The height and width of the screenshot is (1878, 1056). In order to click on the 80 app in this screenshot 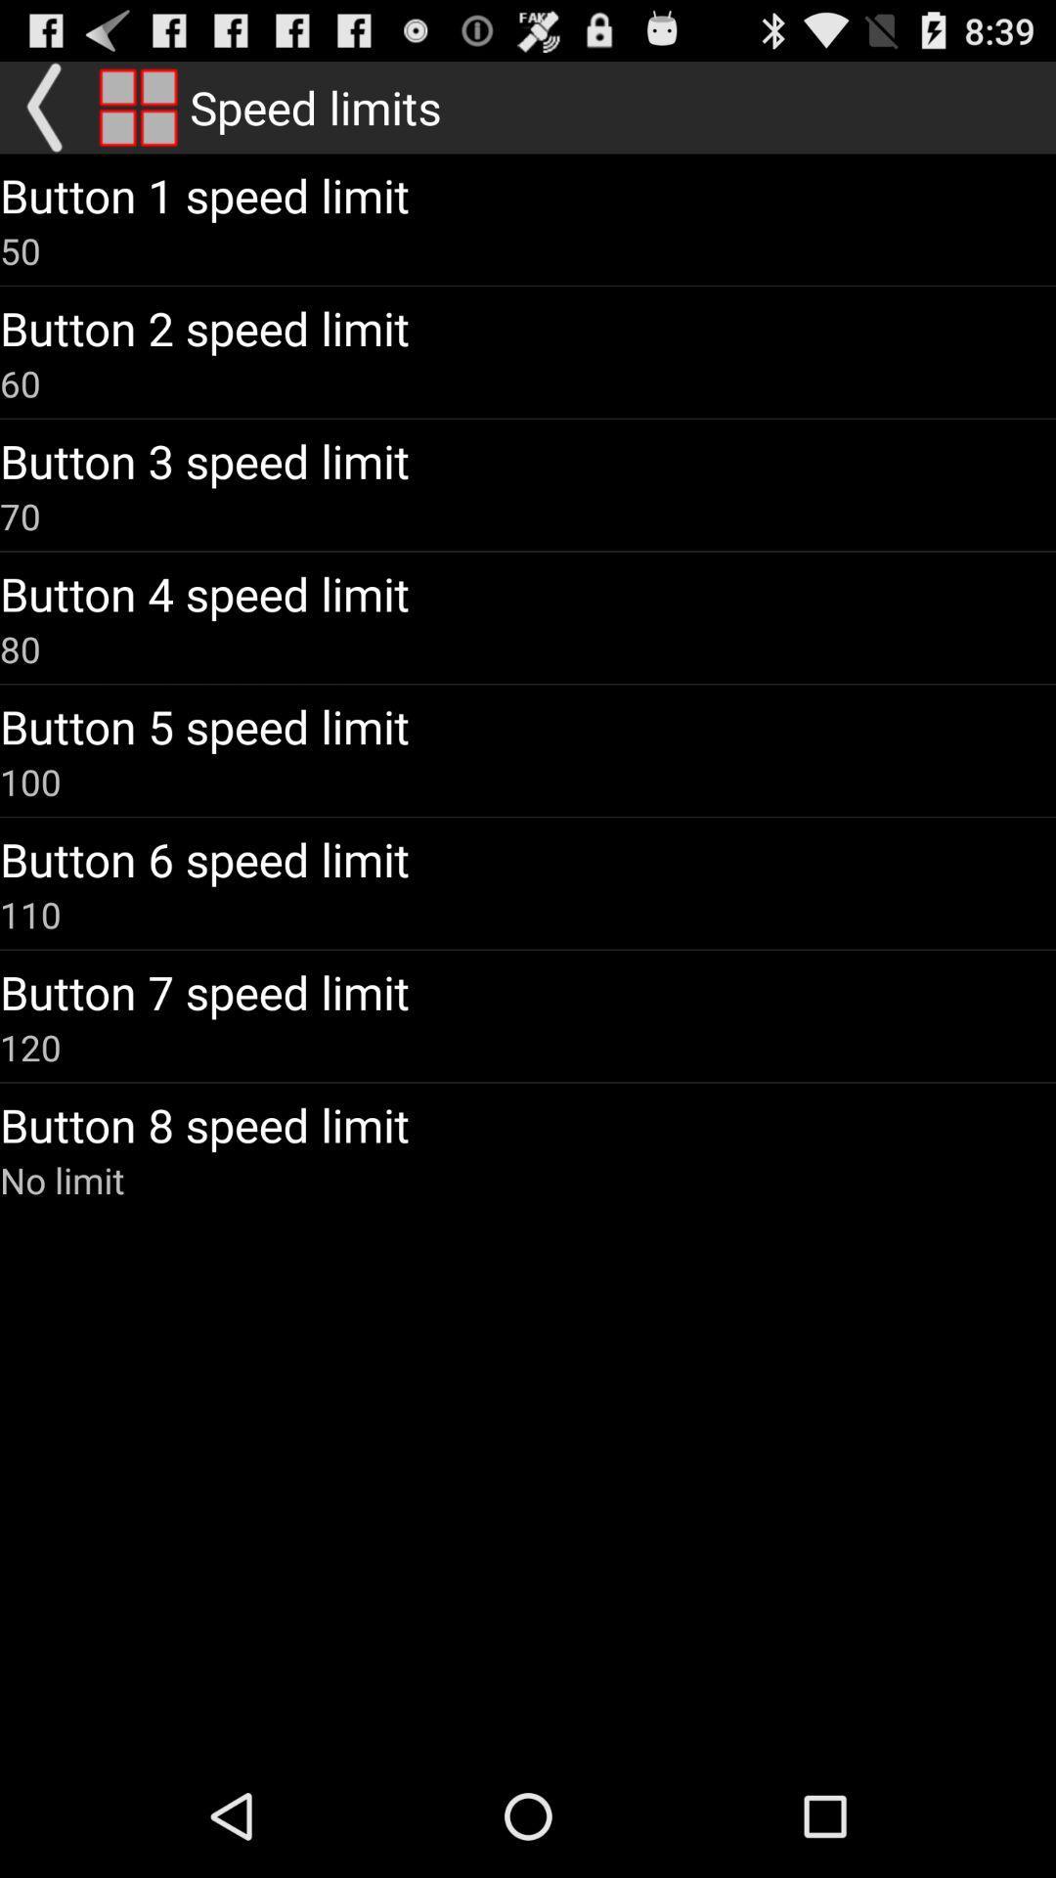, I will do `click(20, 648)`.